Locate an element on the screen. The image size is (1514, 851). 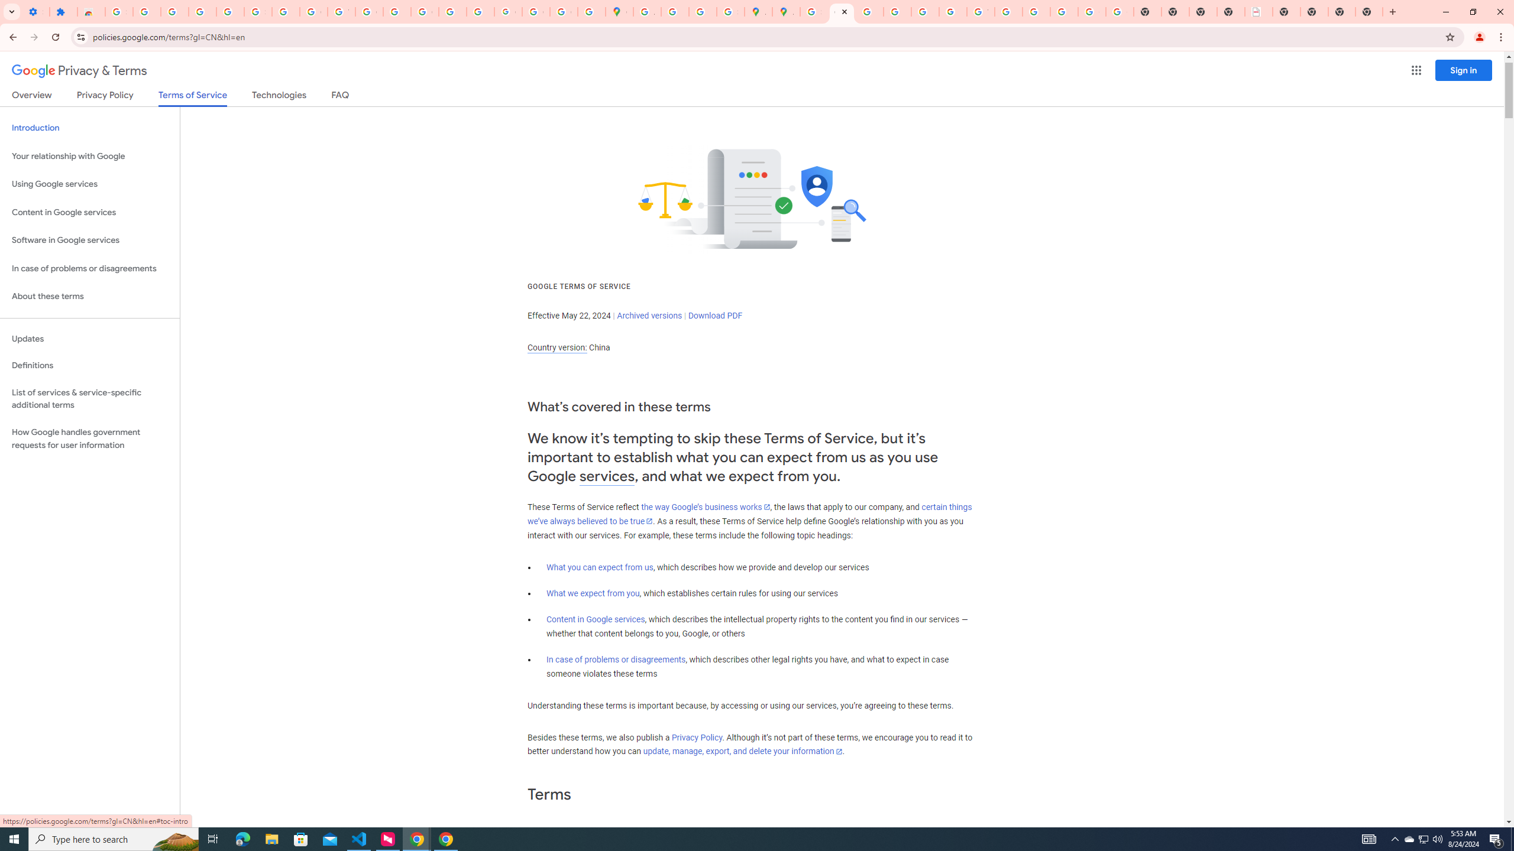
'LAAD Defence & Security 2025 | BAE Systems' is located at coordinates (1258, 11).